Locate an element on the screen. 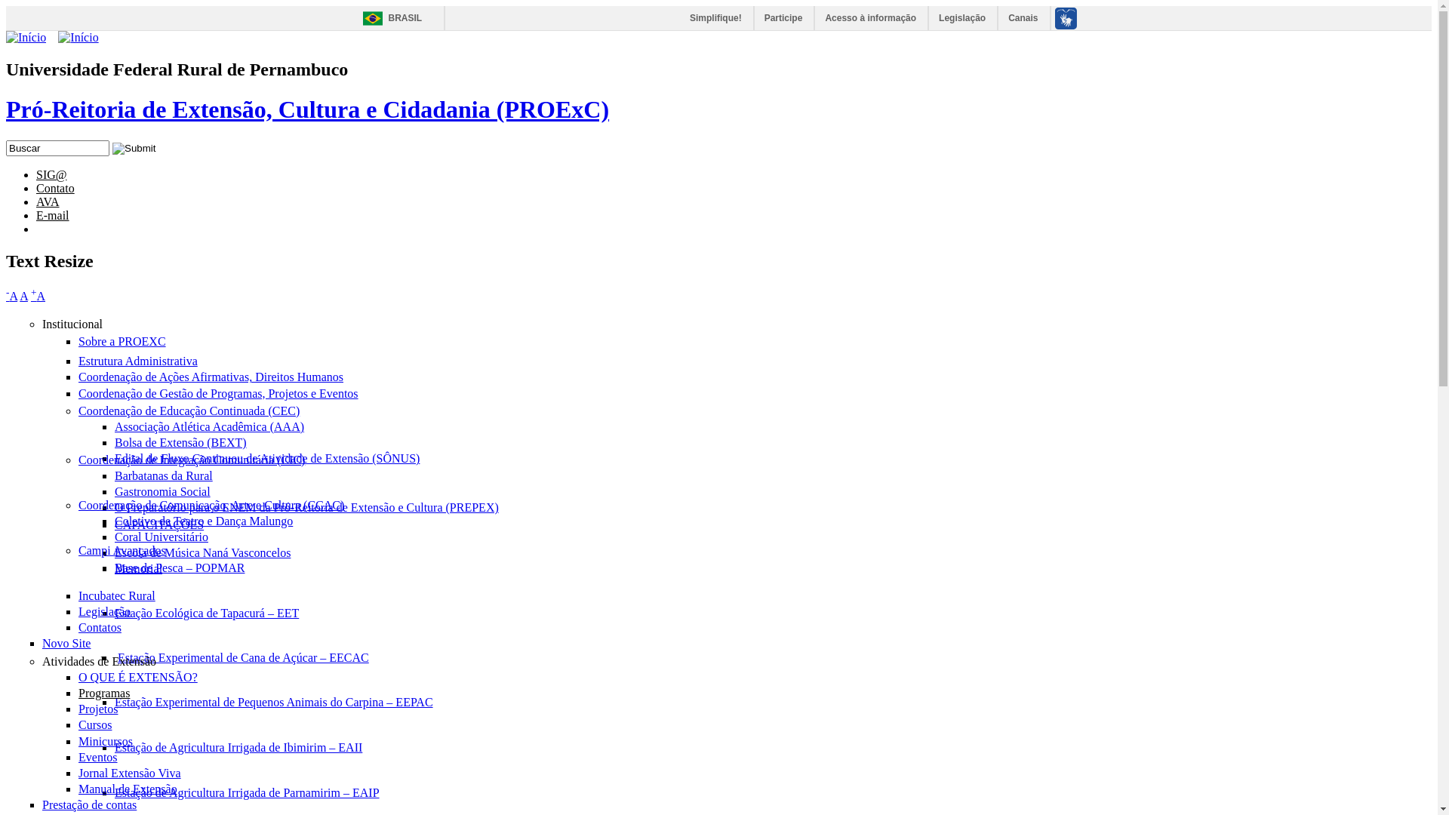 This screenshot has height=815, width=1449. 'BRASIL' is located at coordinates (388, 18).